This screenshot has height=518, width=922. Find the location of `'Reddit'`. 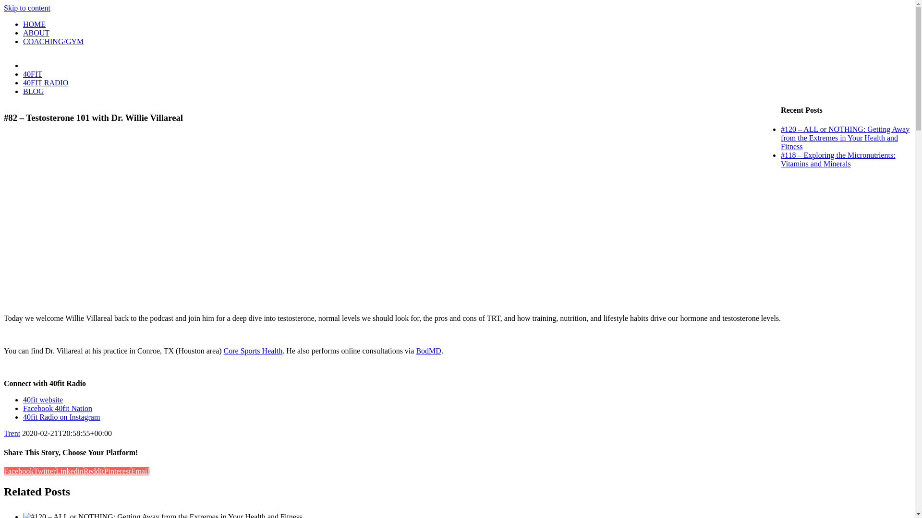

'Reddit' is located at coordinates (94, 471).